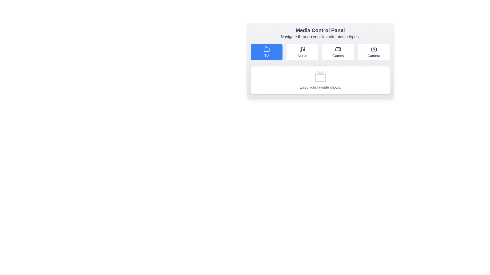  I want to click on the interactive button for navigating to the 'Games' section, located in the third column of the grid, so click(338, 52).